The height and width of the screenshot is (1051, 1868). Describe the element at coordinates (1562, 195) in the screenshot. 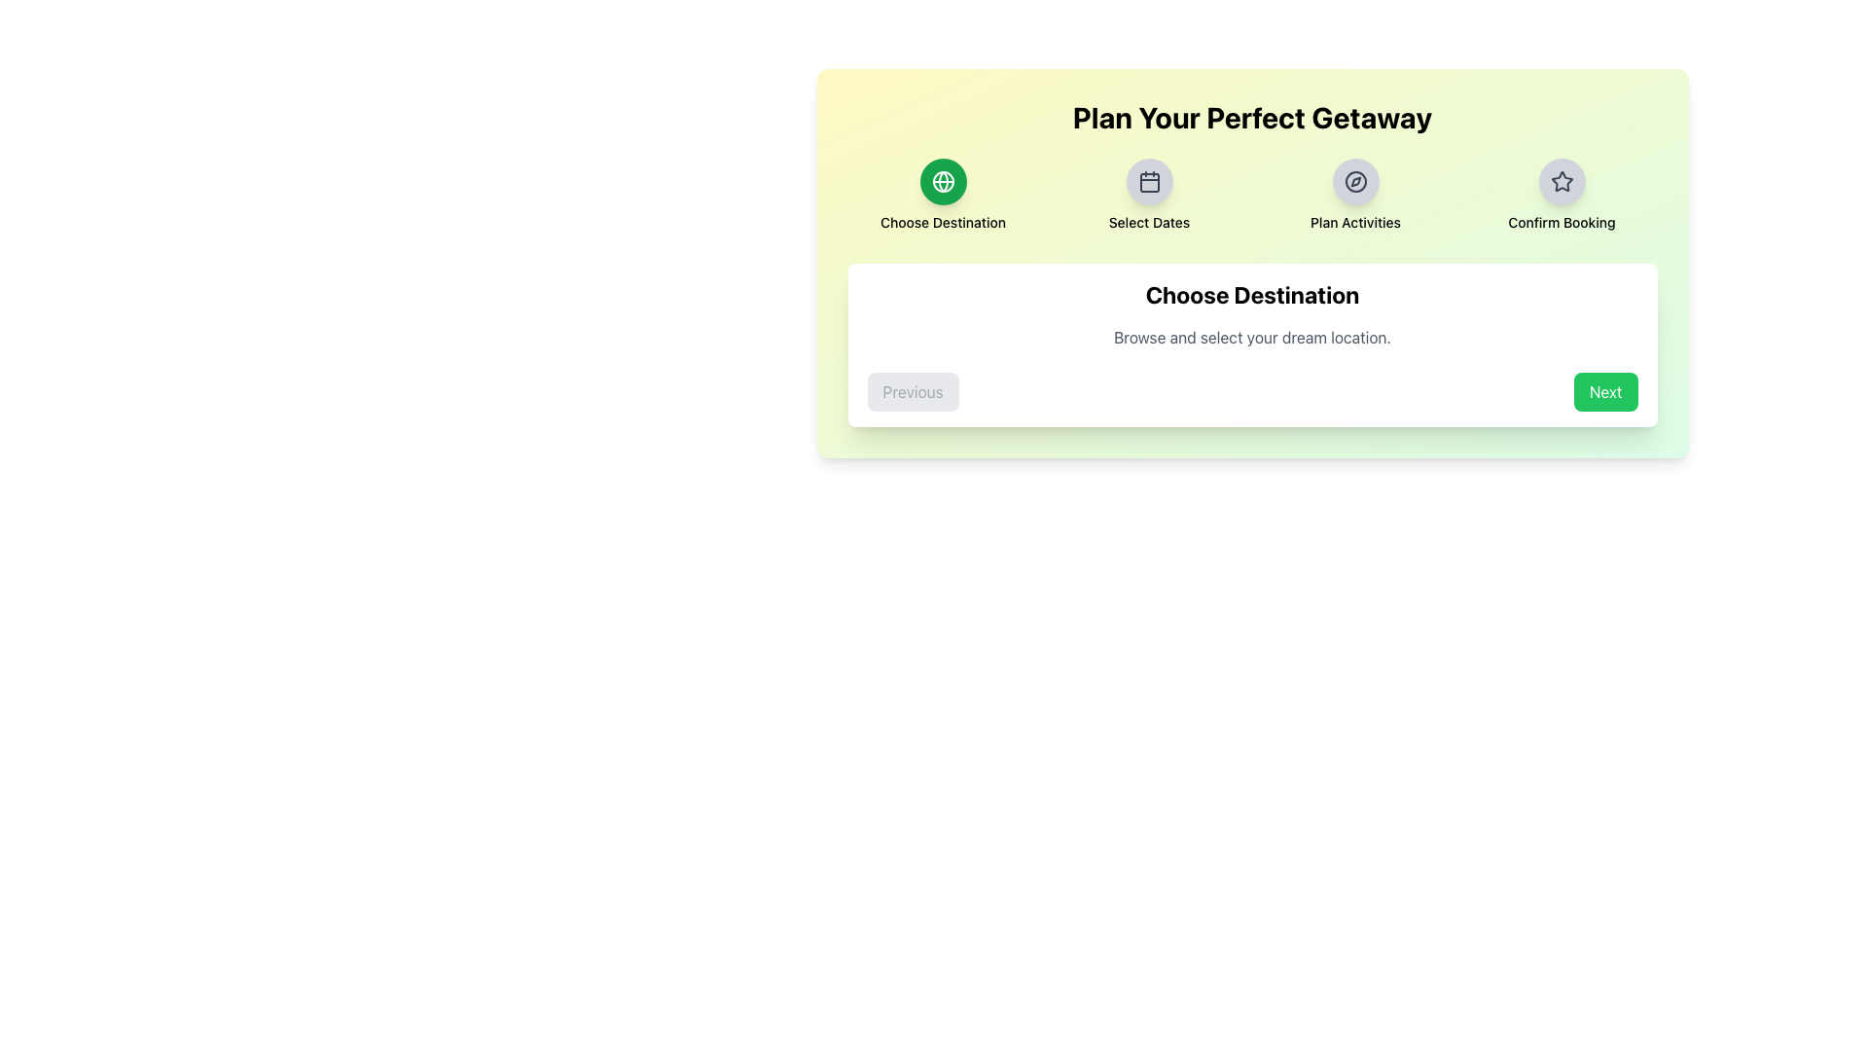

I see `the 'Confirm Booking' progress step indicator, which is represented by a circular icon with a star and a textual label underneath` at that location.